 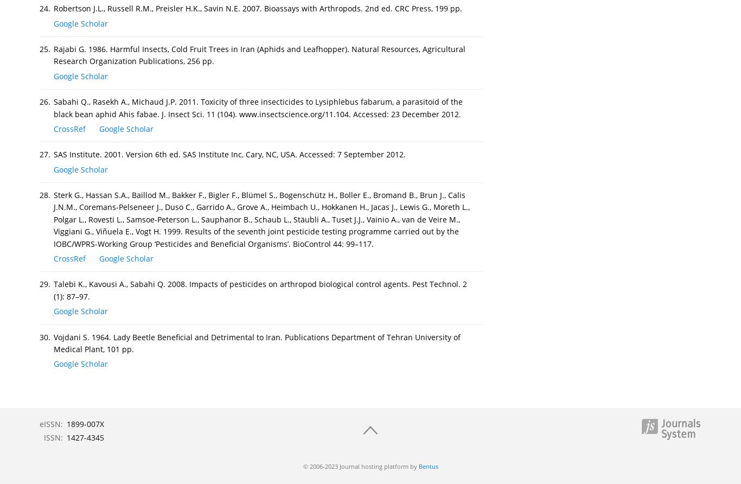 What do you see at coordinates (51, 423) in the screenshot?
I see `'eISSN:'` at bounding box center [51, 423].